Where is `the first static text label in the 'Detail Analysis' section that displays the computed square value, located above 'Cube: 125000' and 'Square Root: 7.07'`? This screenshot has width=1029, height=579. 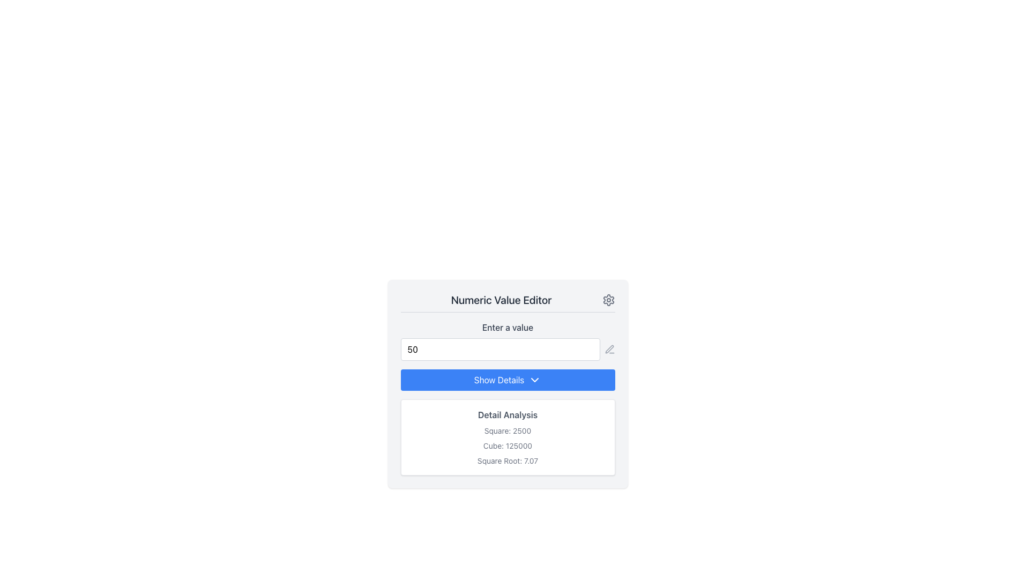
the first static text label in the 'Detail Analysis' section that displays the computed square value, located above 'Cube: 125000' and 'Square Root: 7.07' is located at coordinates (507, 430).